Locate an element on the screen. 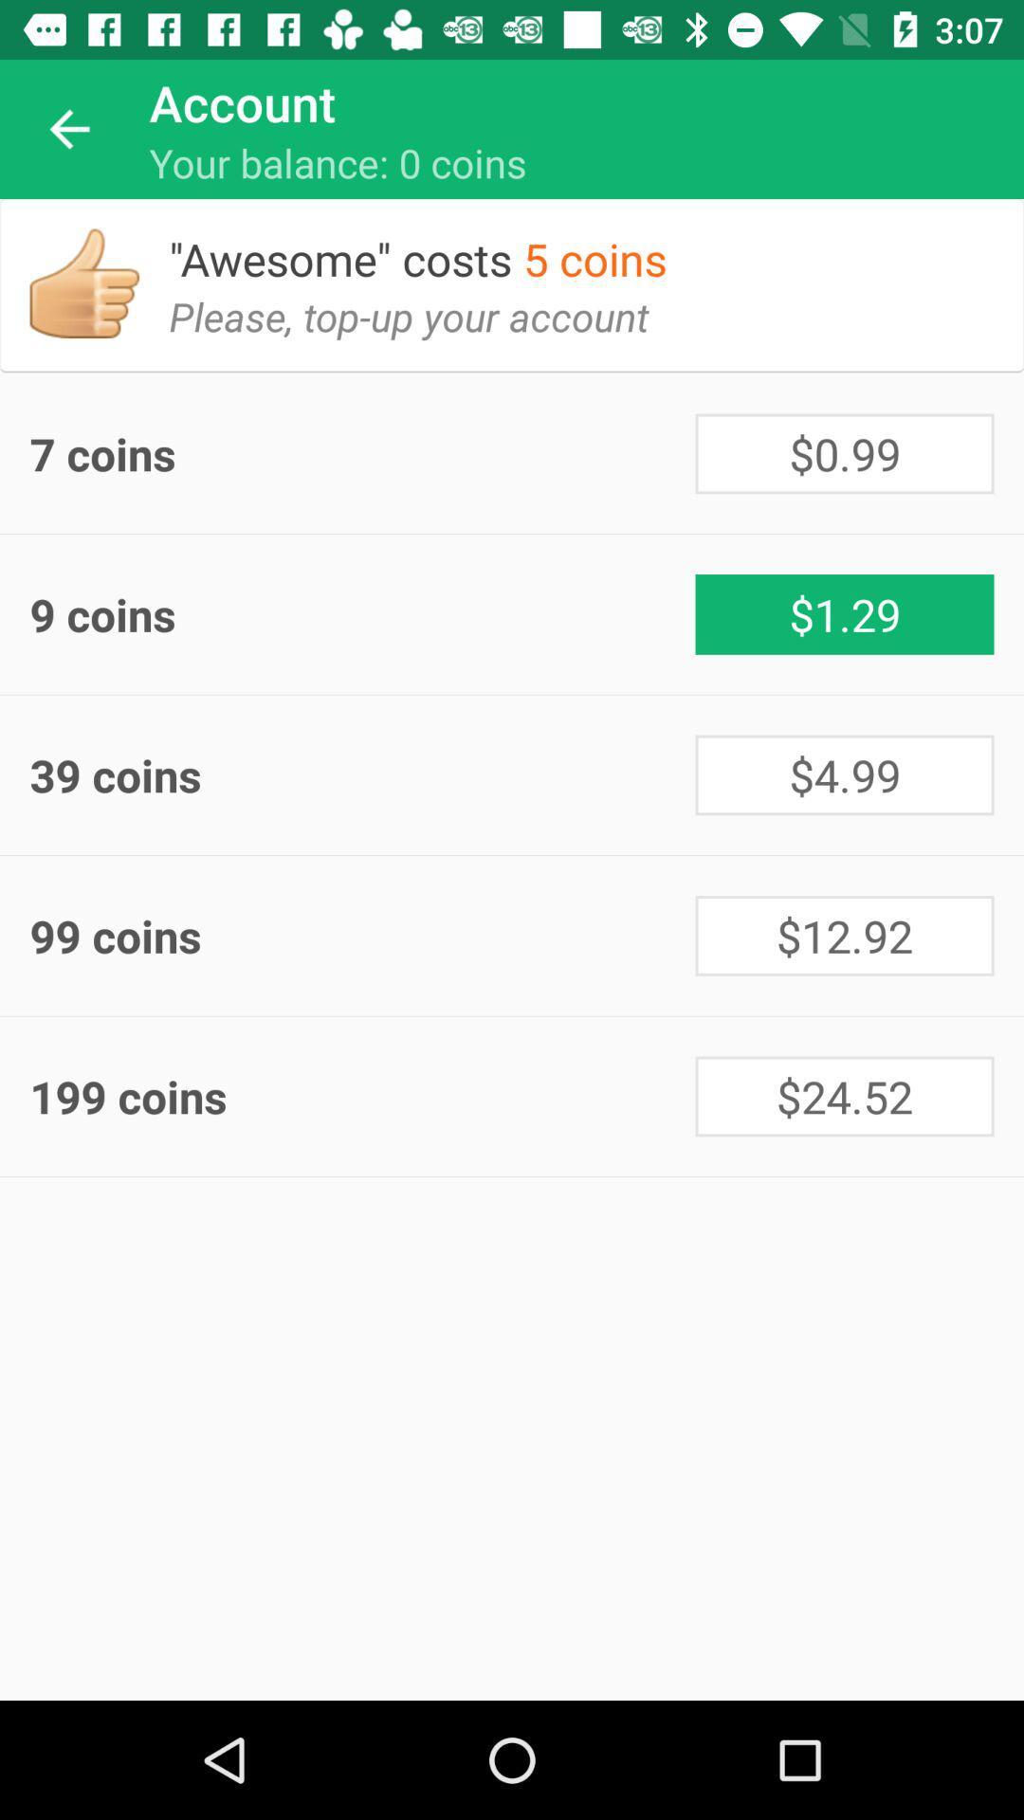  icon next to account is located at coordinates (68, 128).